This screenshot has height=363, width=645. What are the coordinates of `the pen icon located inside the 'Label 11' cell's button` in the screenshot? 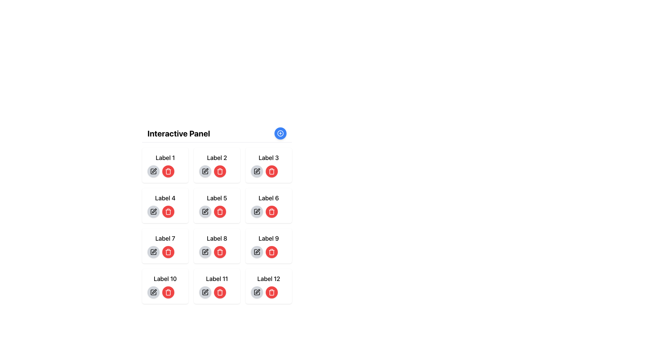 It's located at (205, 292).